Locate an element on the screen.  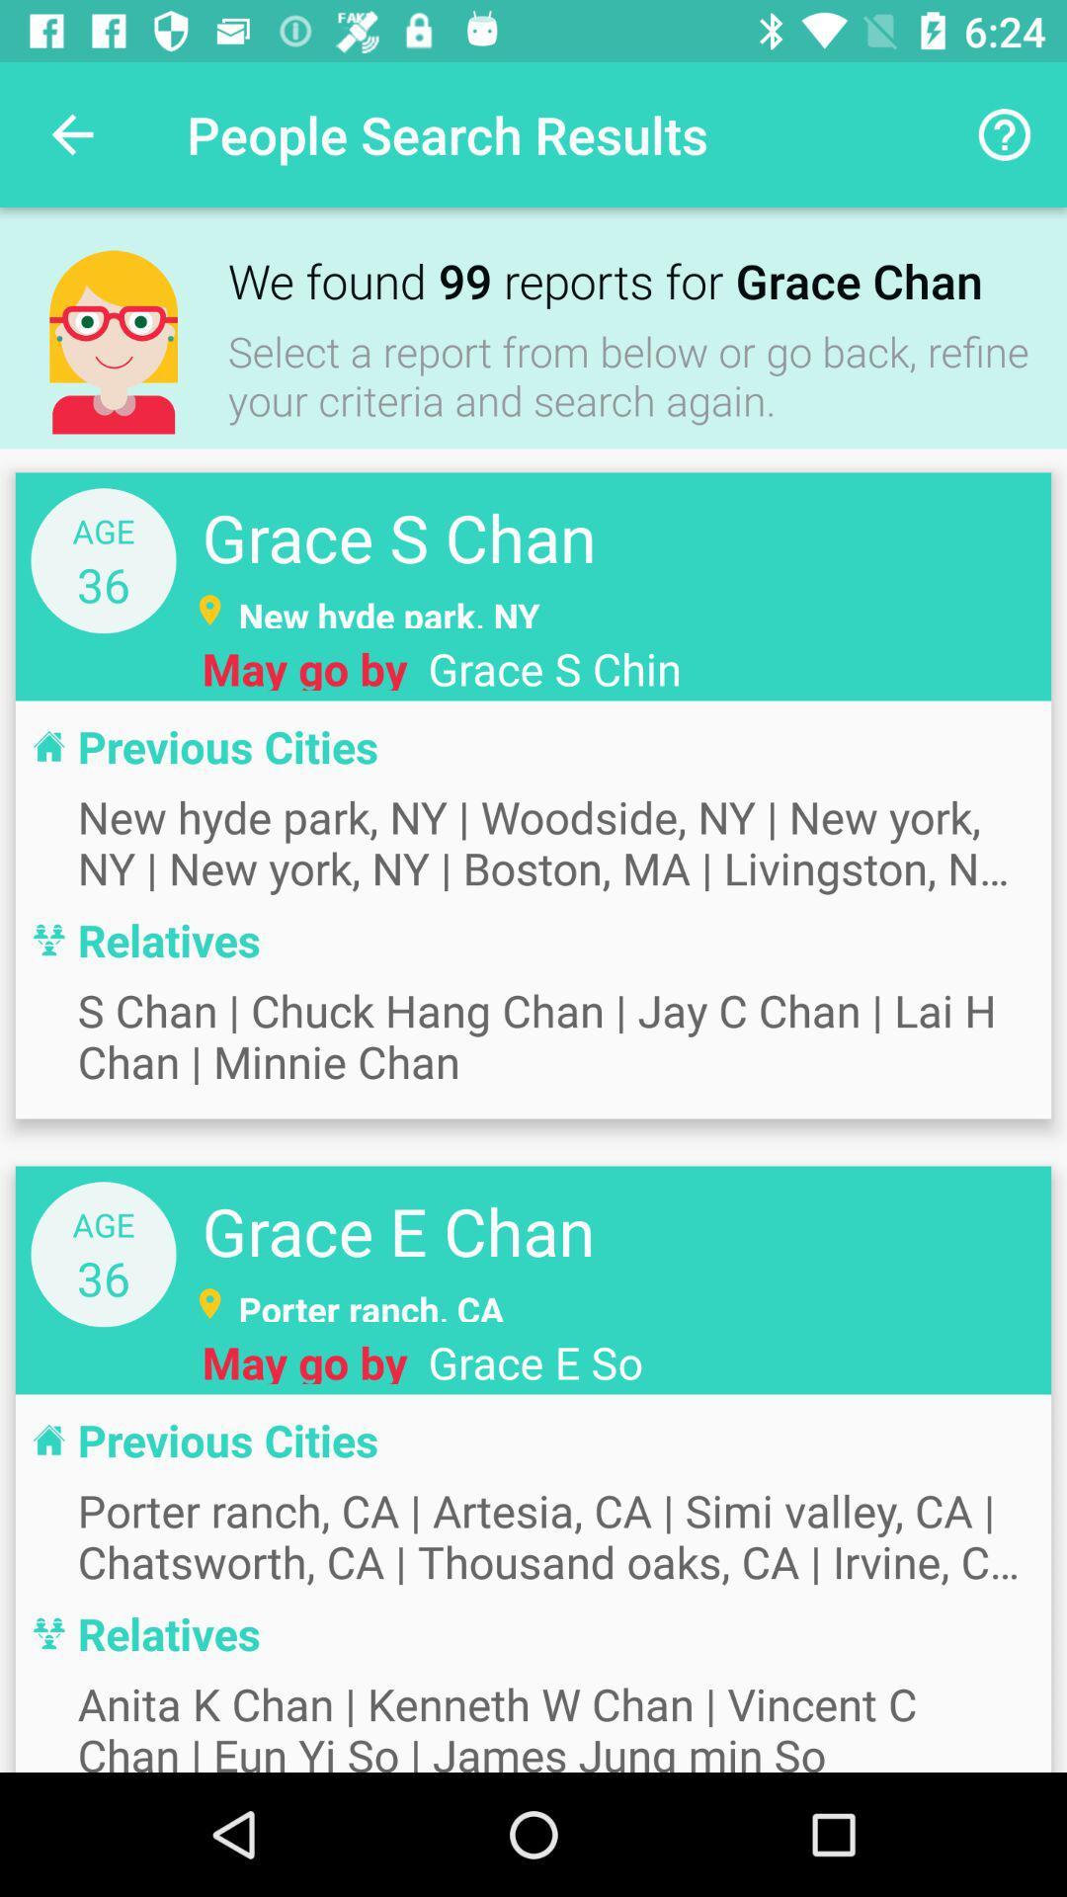
item to the right of the people search results is located at coordinates (1005, 133).